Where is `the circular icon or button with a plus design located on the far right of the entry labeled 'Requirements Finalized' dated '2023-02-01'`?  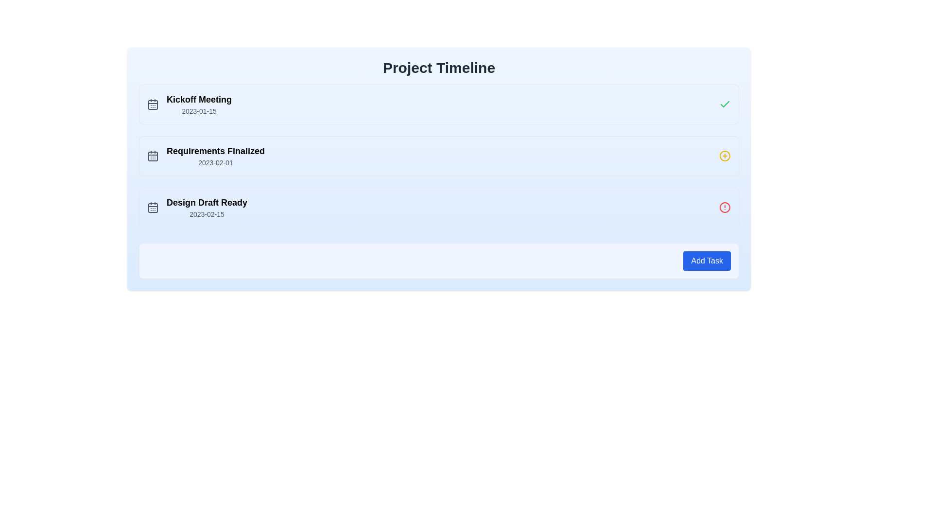
the circular icon or button with a plus design located on the far right of the entry labeled 'Requirements Finalized' dated '2023-02-01' is located at coordinates (725, 155).